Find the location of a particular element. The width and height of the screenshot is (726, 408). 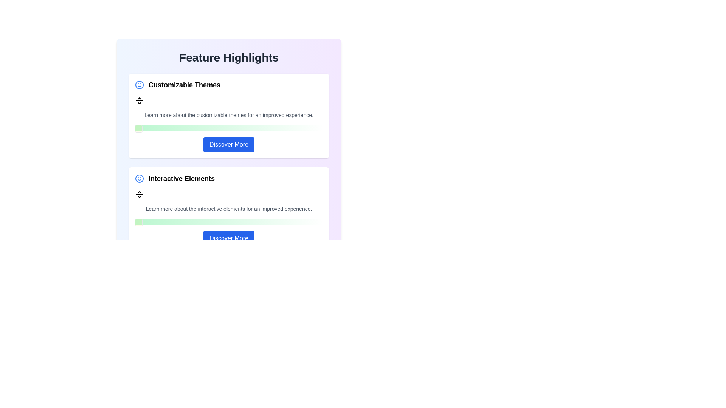

the Text display component that provides information about the 'Interactive Elements' feature, located below the 'Interactive Elements' subheading and within the second section of the interface is located at coordinates (228, 209).